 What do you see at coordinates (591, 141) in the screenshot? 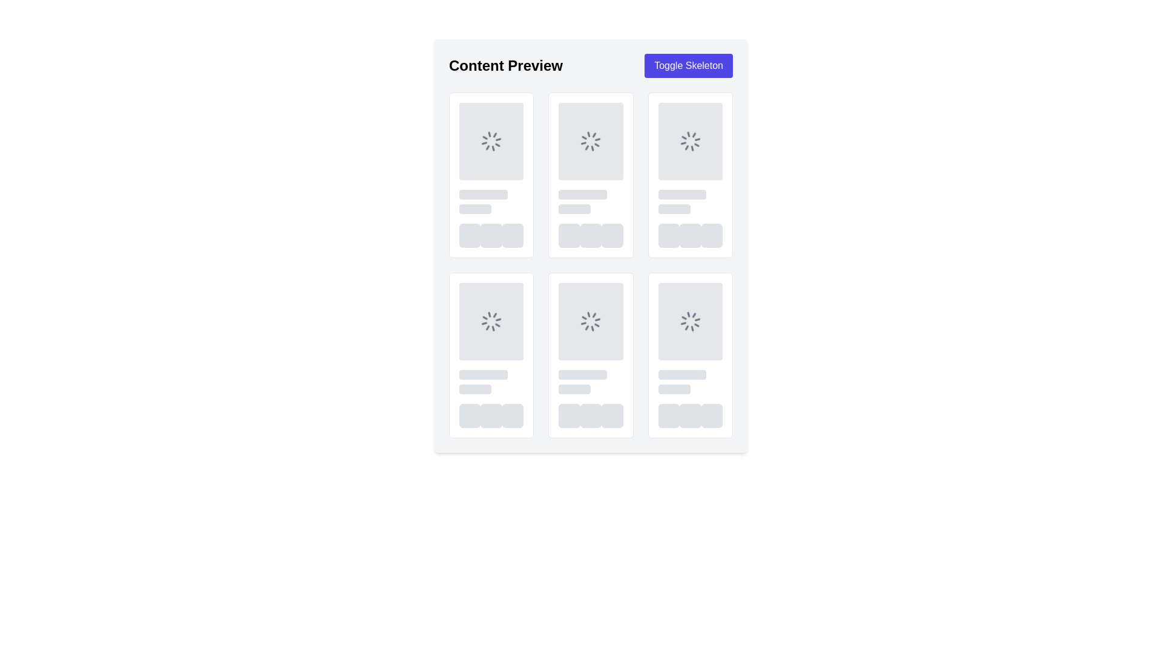
I see `the Loading Placeholder, which visually indicates progress and is located in the second position of the first row within the content preview section` at bounding box center [591, 141].